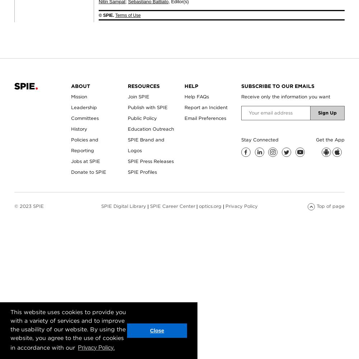 Image resolution: width=359 pixels, height=359 pixels. What do you see at coordinates (327, 112) in the screenshot?
I see `'Sign Up'` at bounding box center [327, 112].